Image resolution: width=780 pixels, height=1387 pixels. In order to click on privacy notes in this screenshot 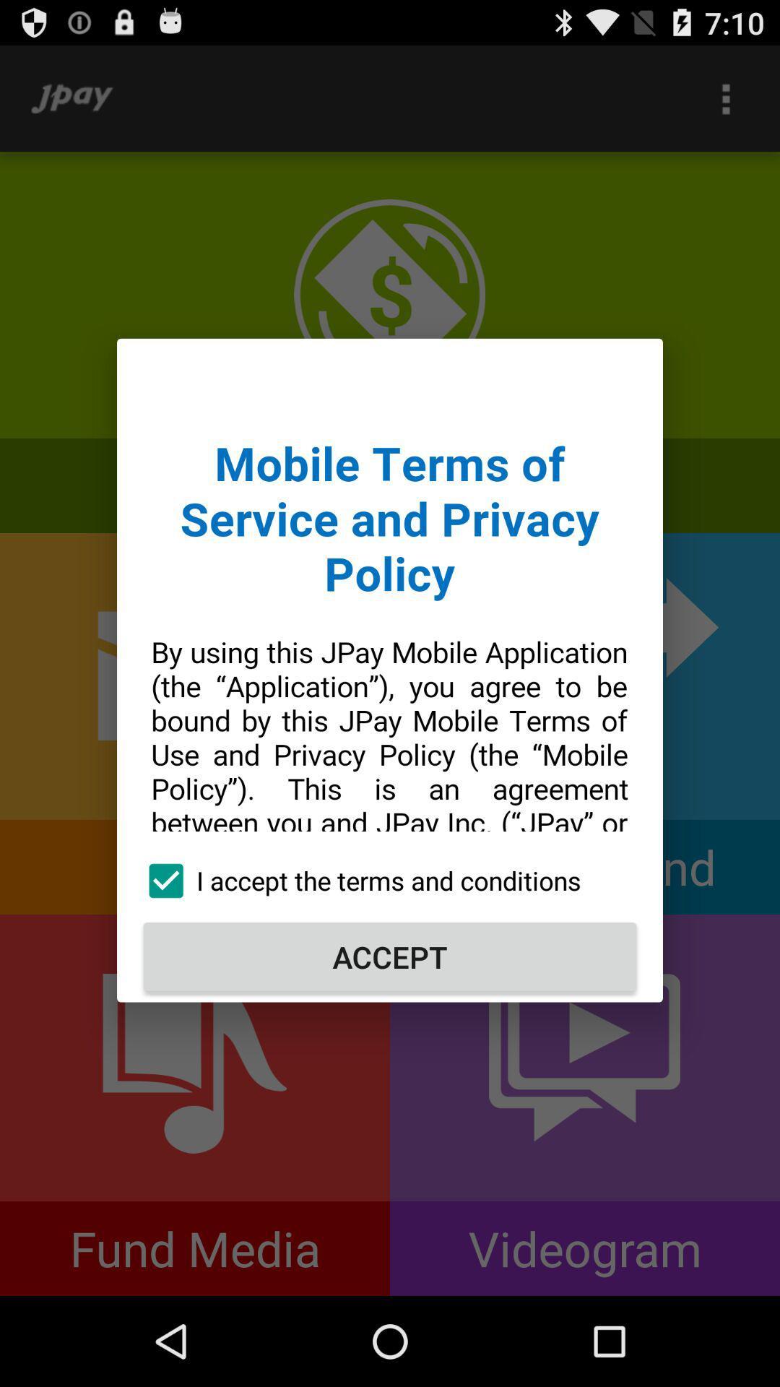, I will do `click(390, 599)`.